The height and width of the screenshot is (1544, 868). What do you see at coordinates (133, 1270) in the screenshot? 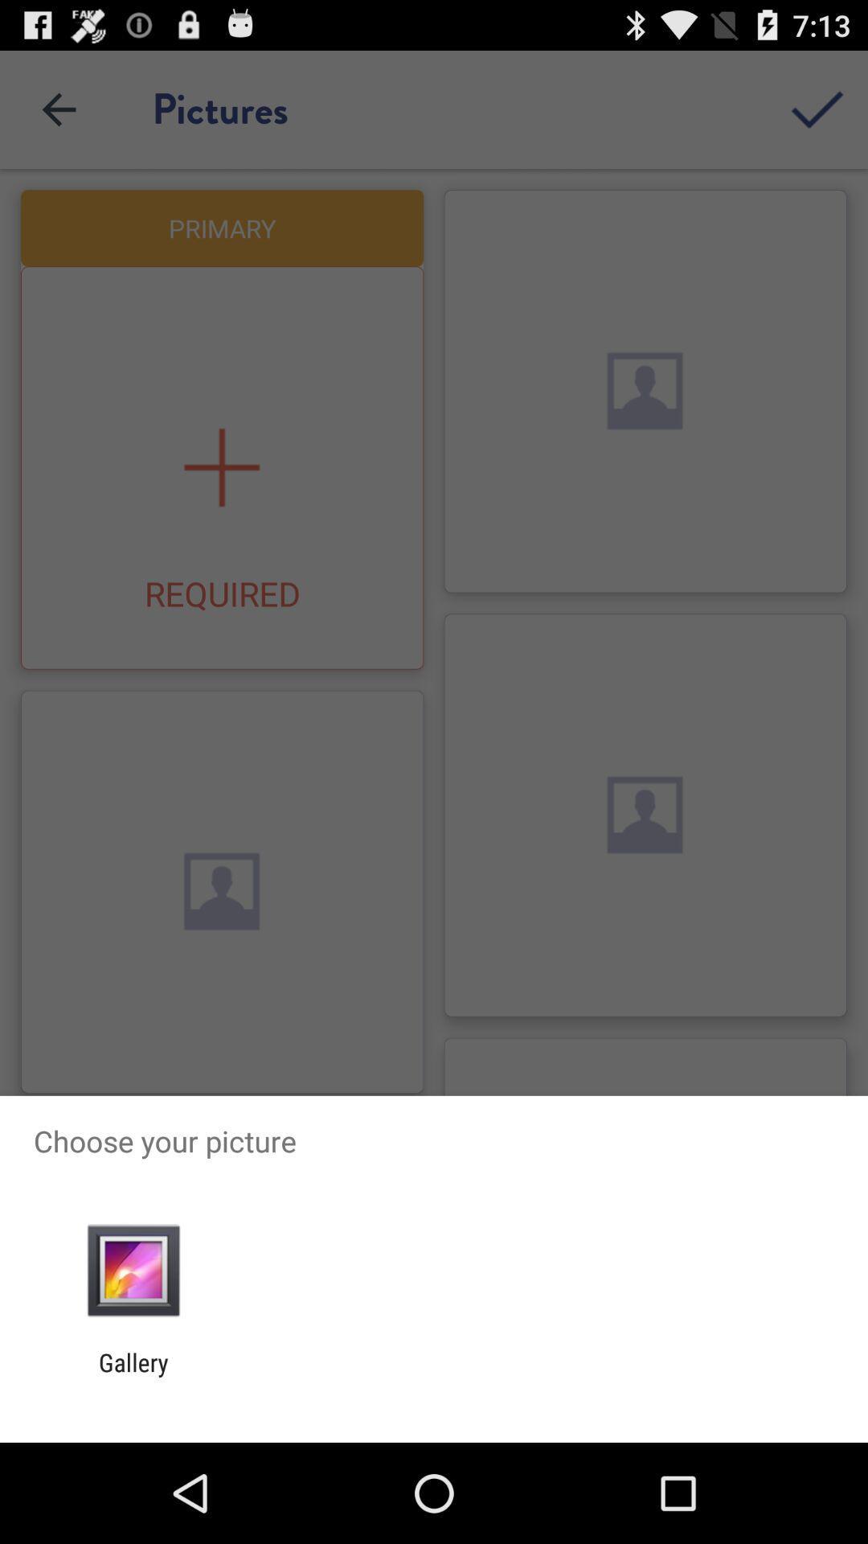
I see `app above gallery` at bounding box center [133, 1270].